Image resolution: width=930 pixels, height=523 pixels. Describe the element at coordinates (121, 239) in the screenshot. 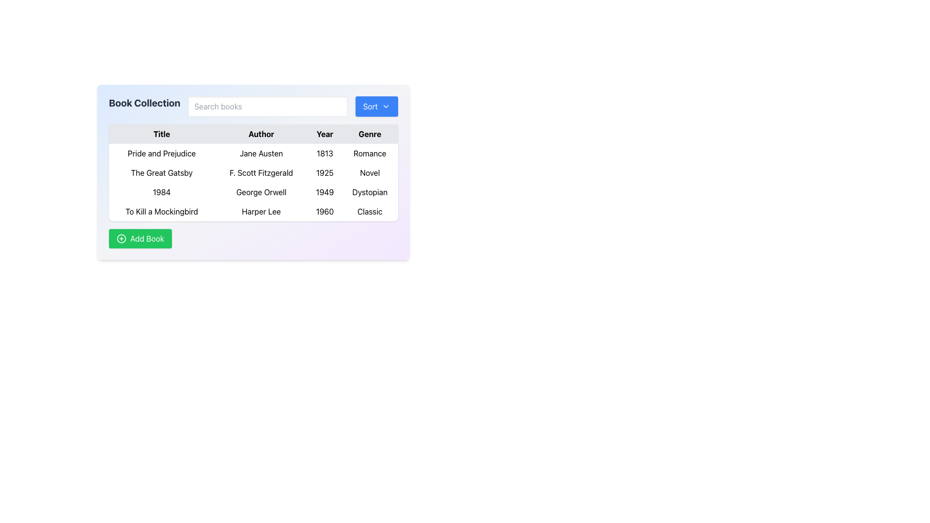

I see `the SVG Circle that is part of the 'Add Book' button, located to the left of the button label` at that location.